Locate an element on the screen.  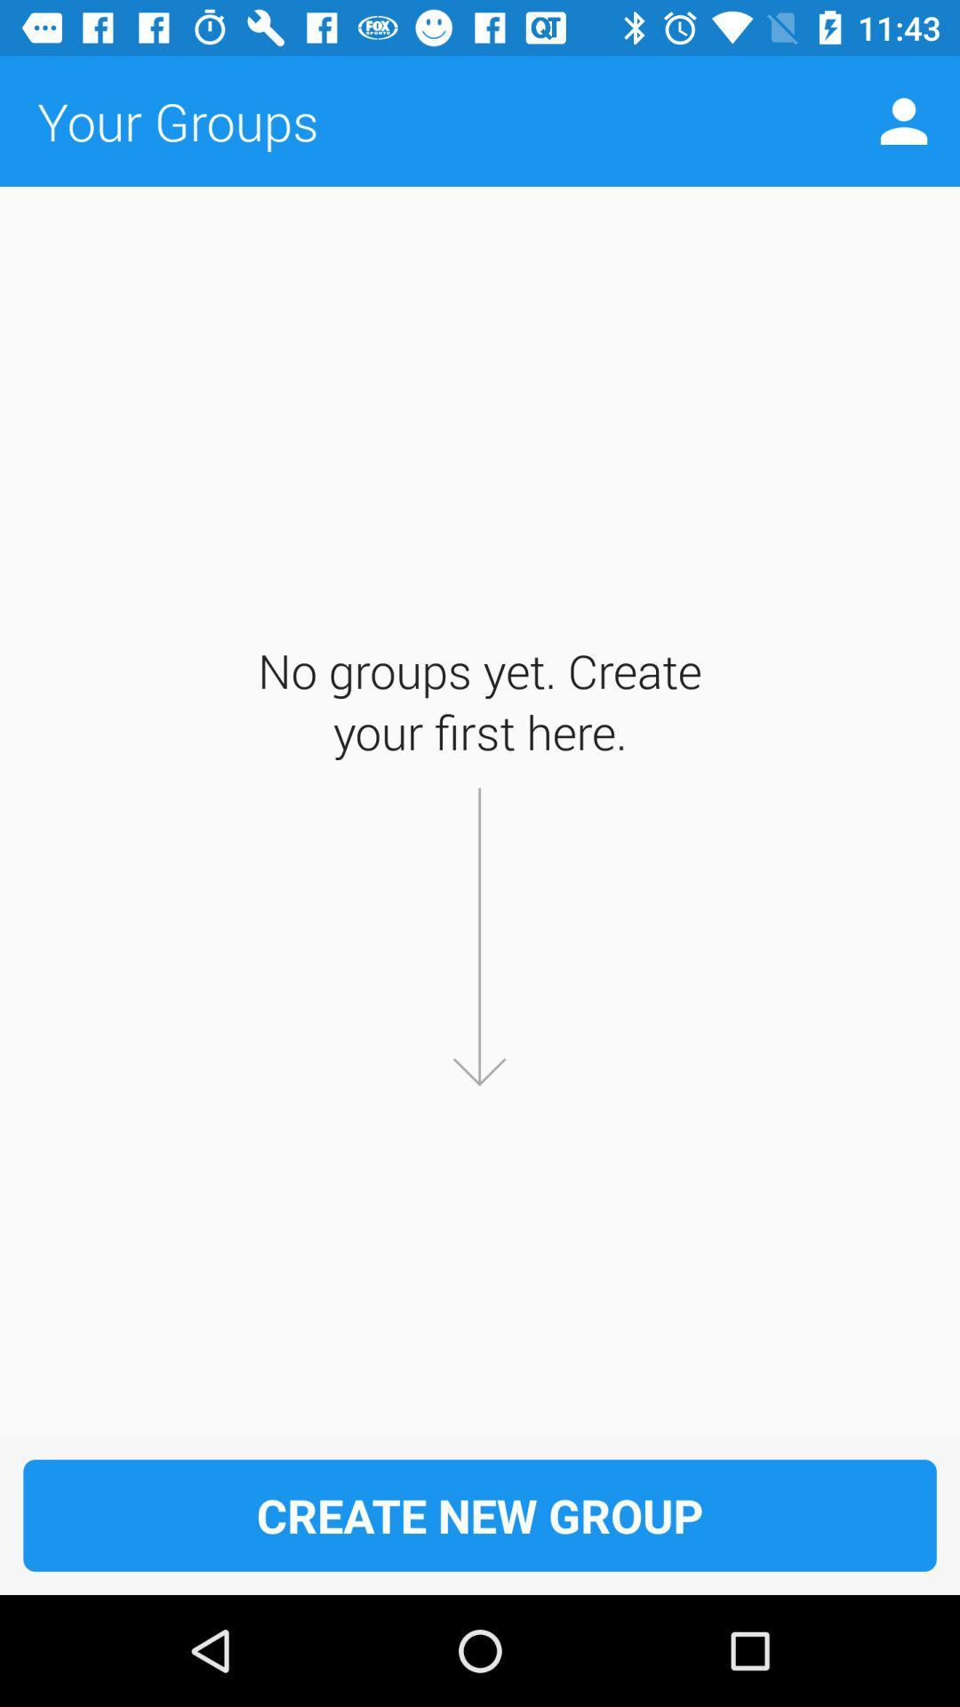
the icon above the create new group icon is located at coordinates (904, 120).